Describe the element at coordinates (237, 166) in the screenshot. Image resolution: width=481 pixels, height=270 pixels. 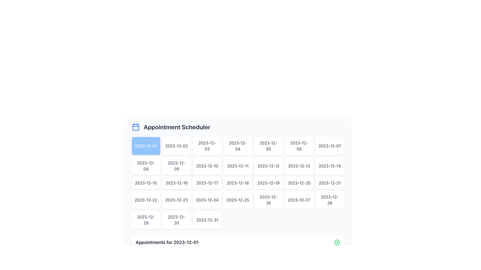
I see `the rectangular button labeled '2023-12-11'` at that location.